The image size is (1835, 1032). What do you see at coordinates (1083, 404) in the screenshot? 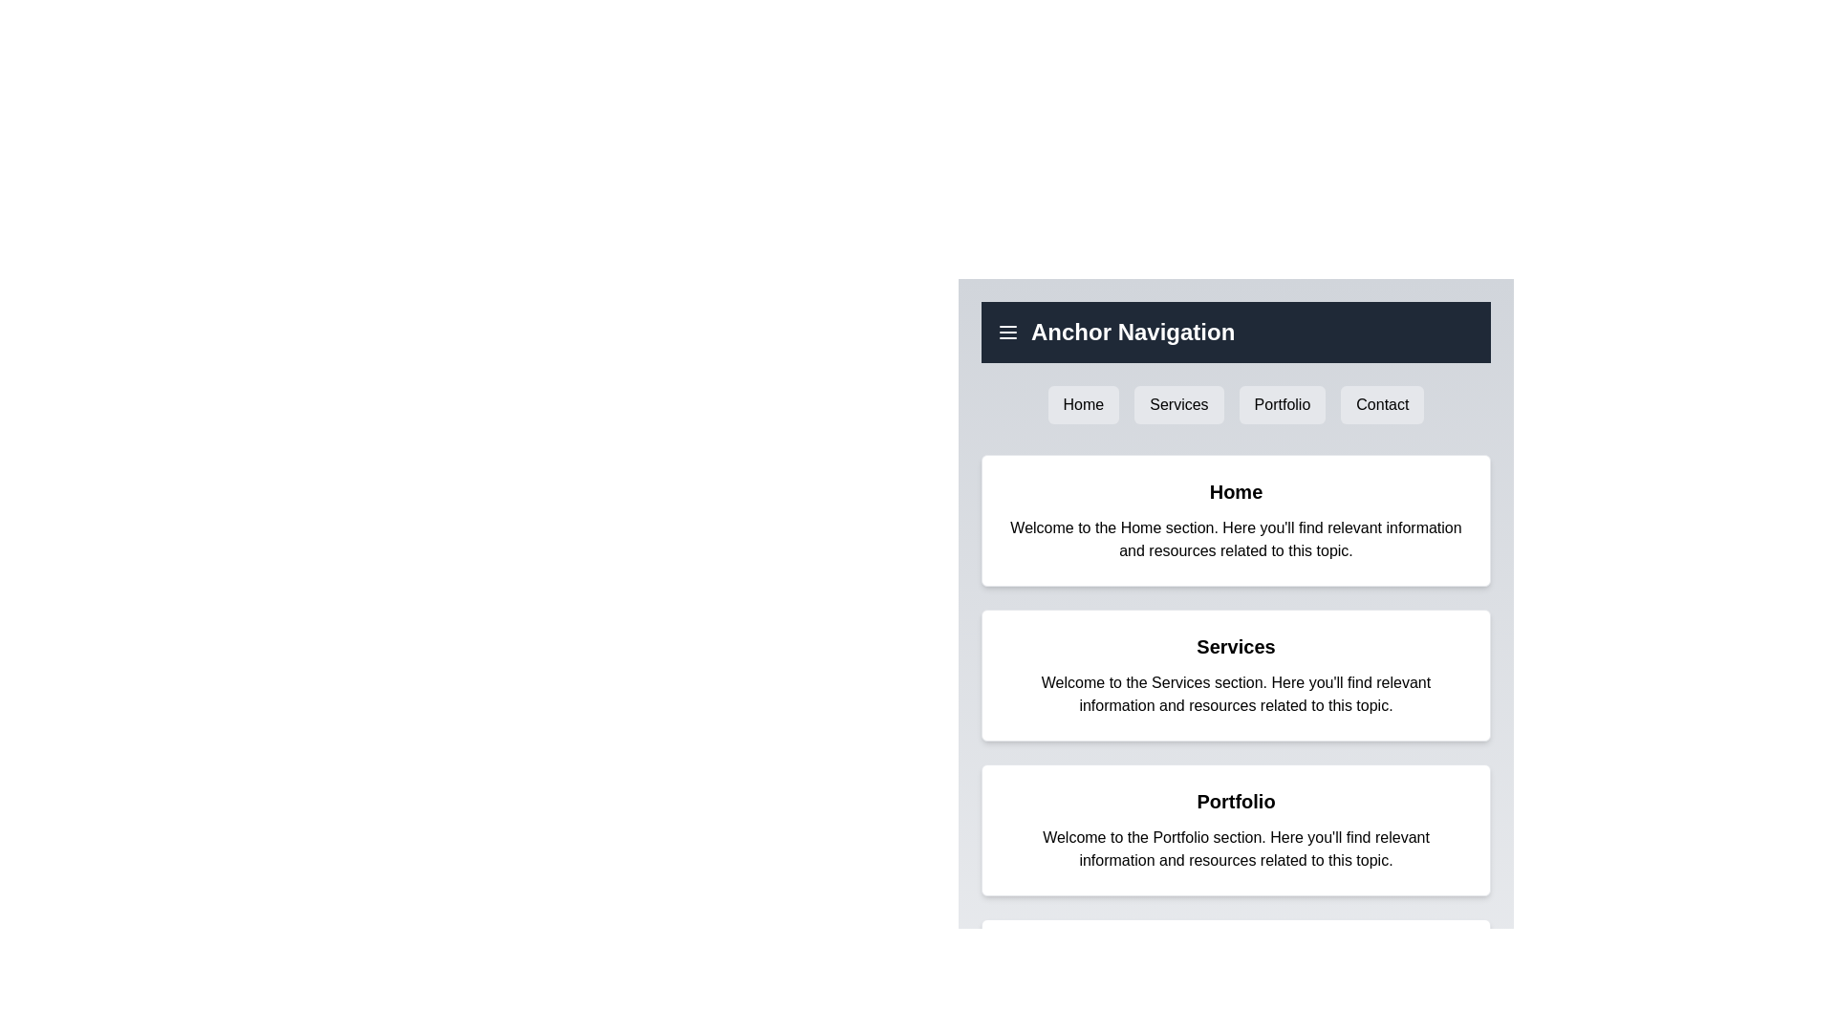
I see `the 'Home' navigation link in the top navigation bar` at bounding box center [1083, 404].